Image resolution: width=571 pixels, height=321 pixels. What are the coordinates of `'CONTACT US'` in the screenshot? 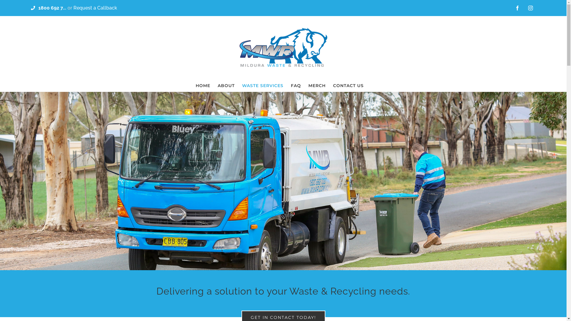 It's located at (348, 86).